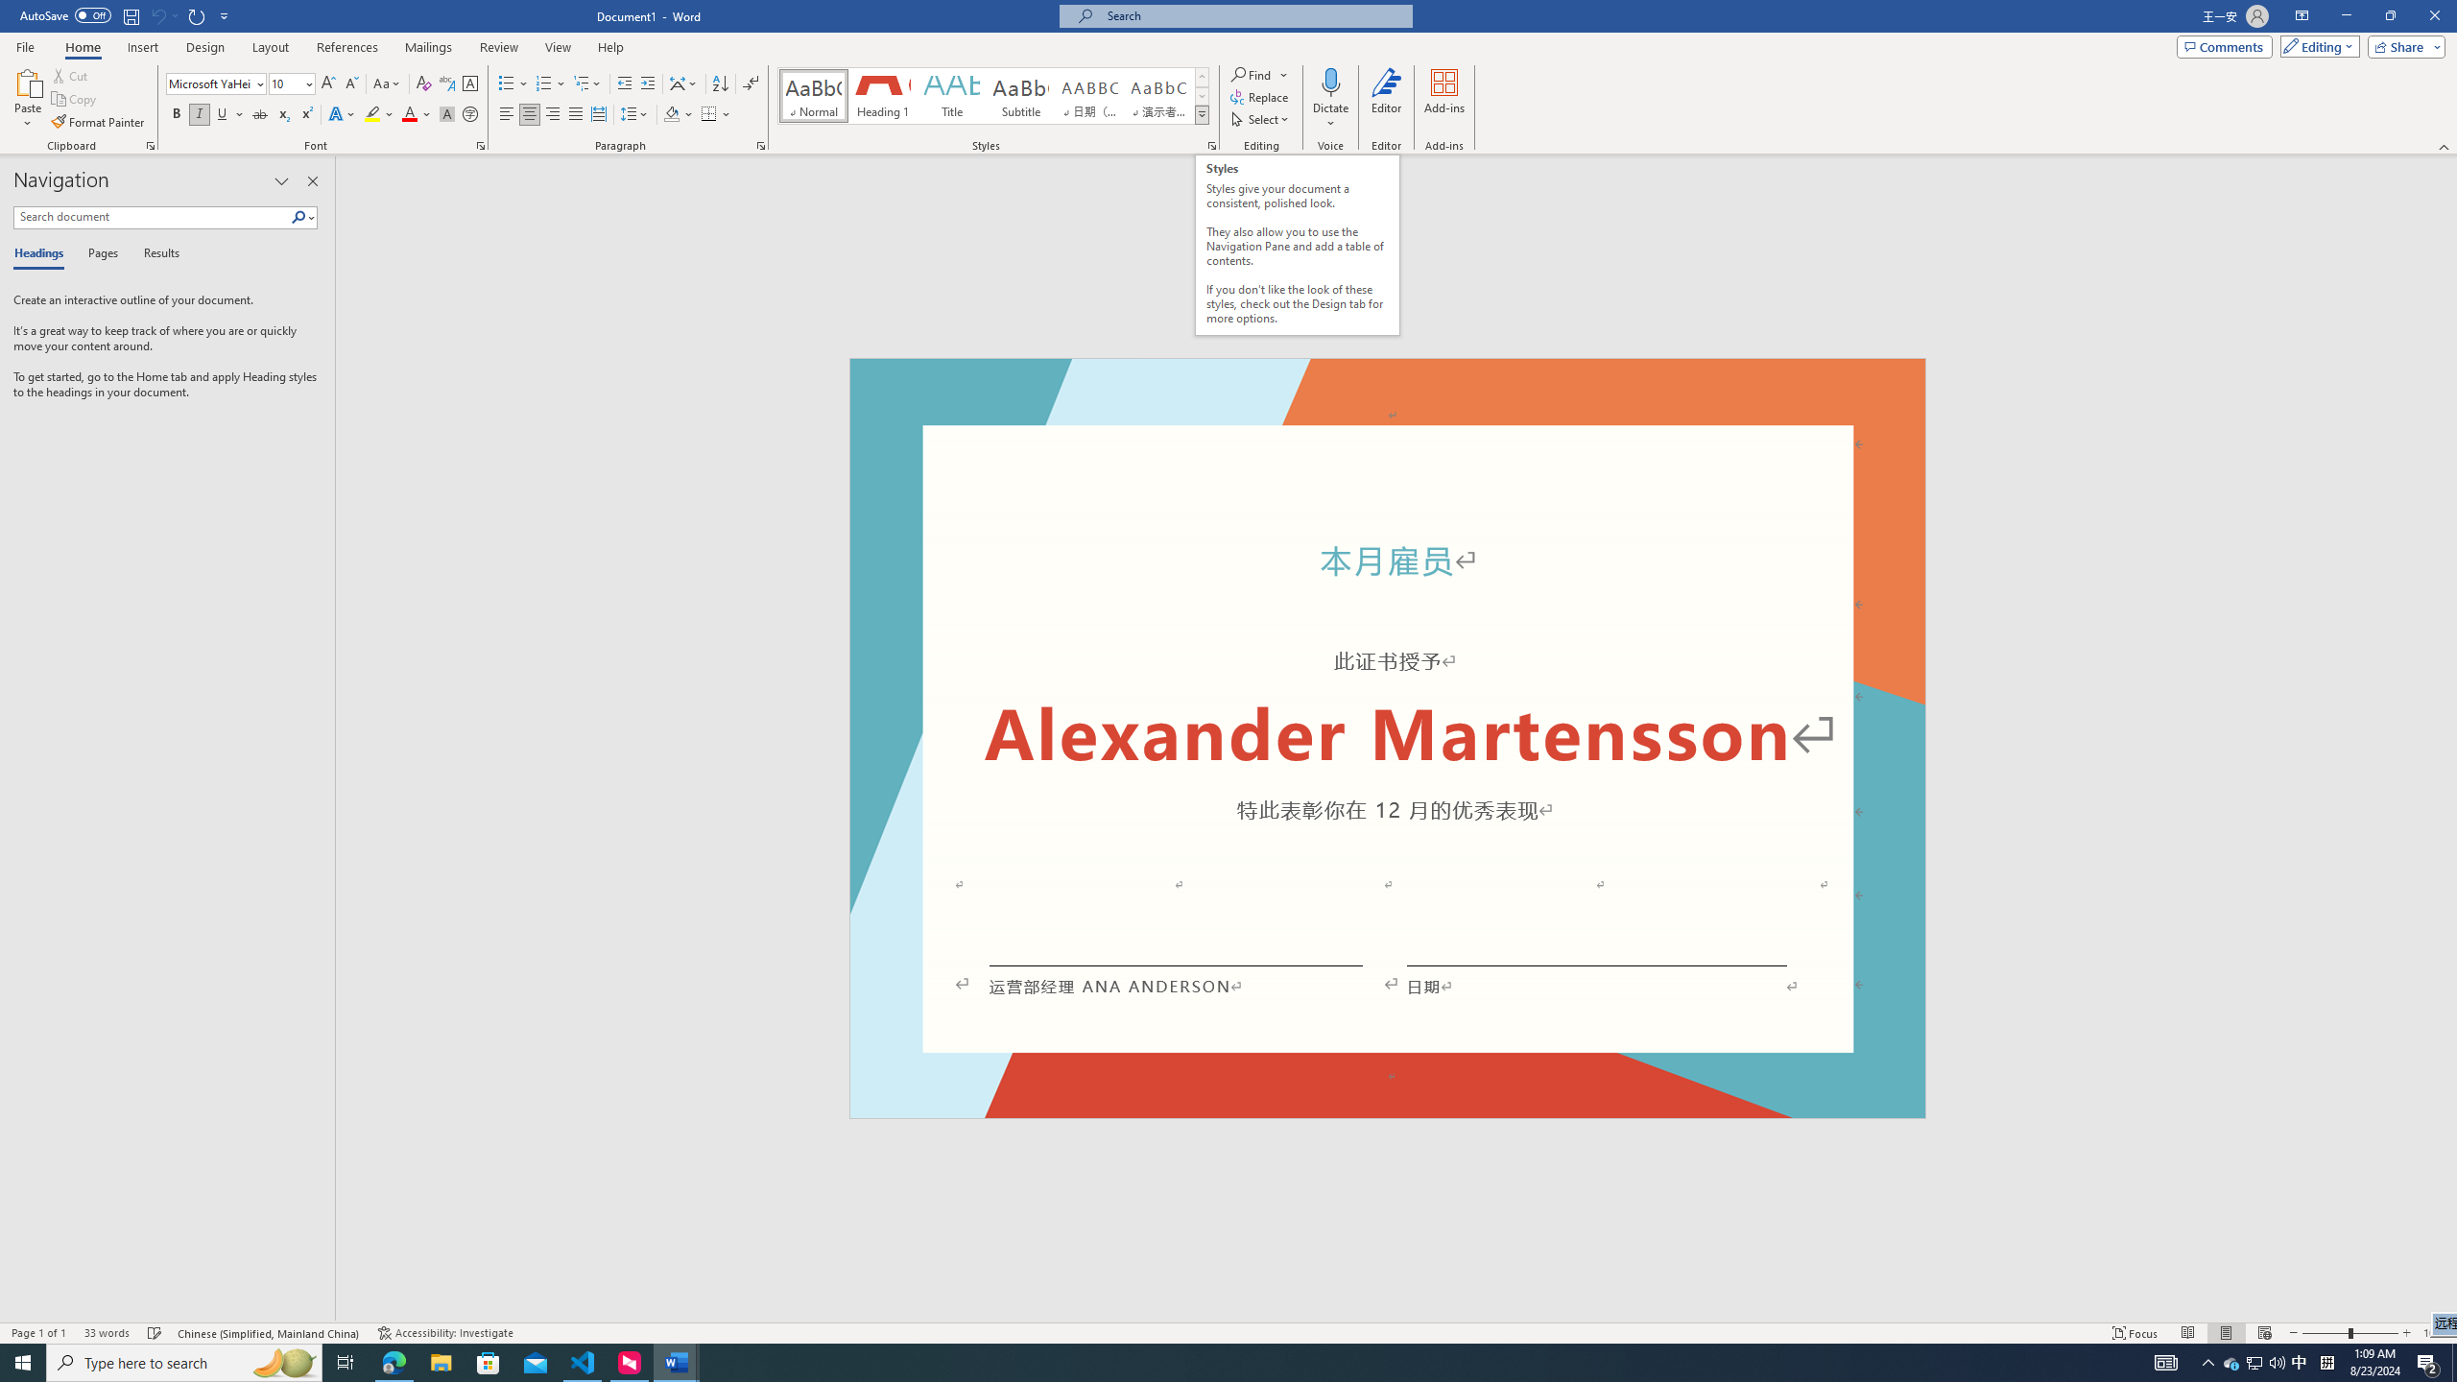 The width and height of the screenshot is (2457, 1382). Describe the element at coordinates (351, 83) in the screenshot. I see `'Shrink Font'` at that location.